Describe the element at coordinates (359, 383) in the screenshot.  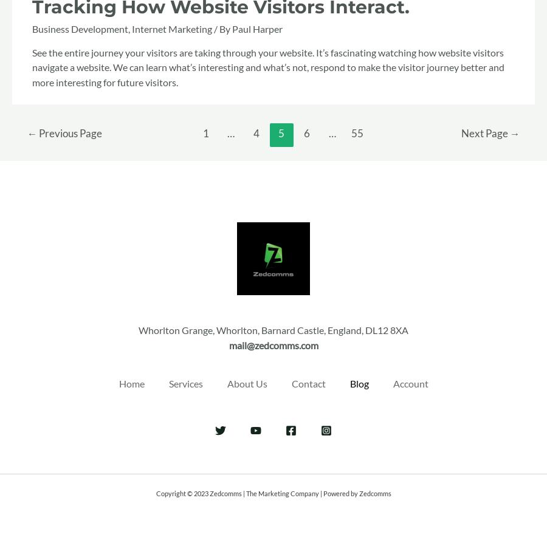
I see `'Blog'` at that location.